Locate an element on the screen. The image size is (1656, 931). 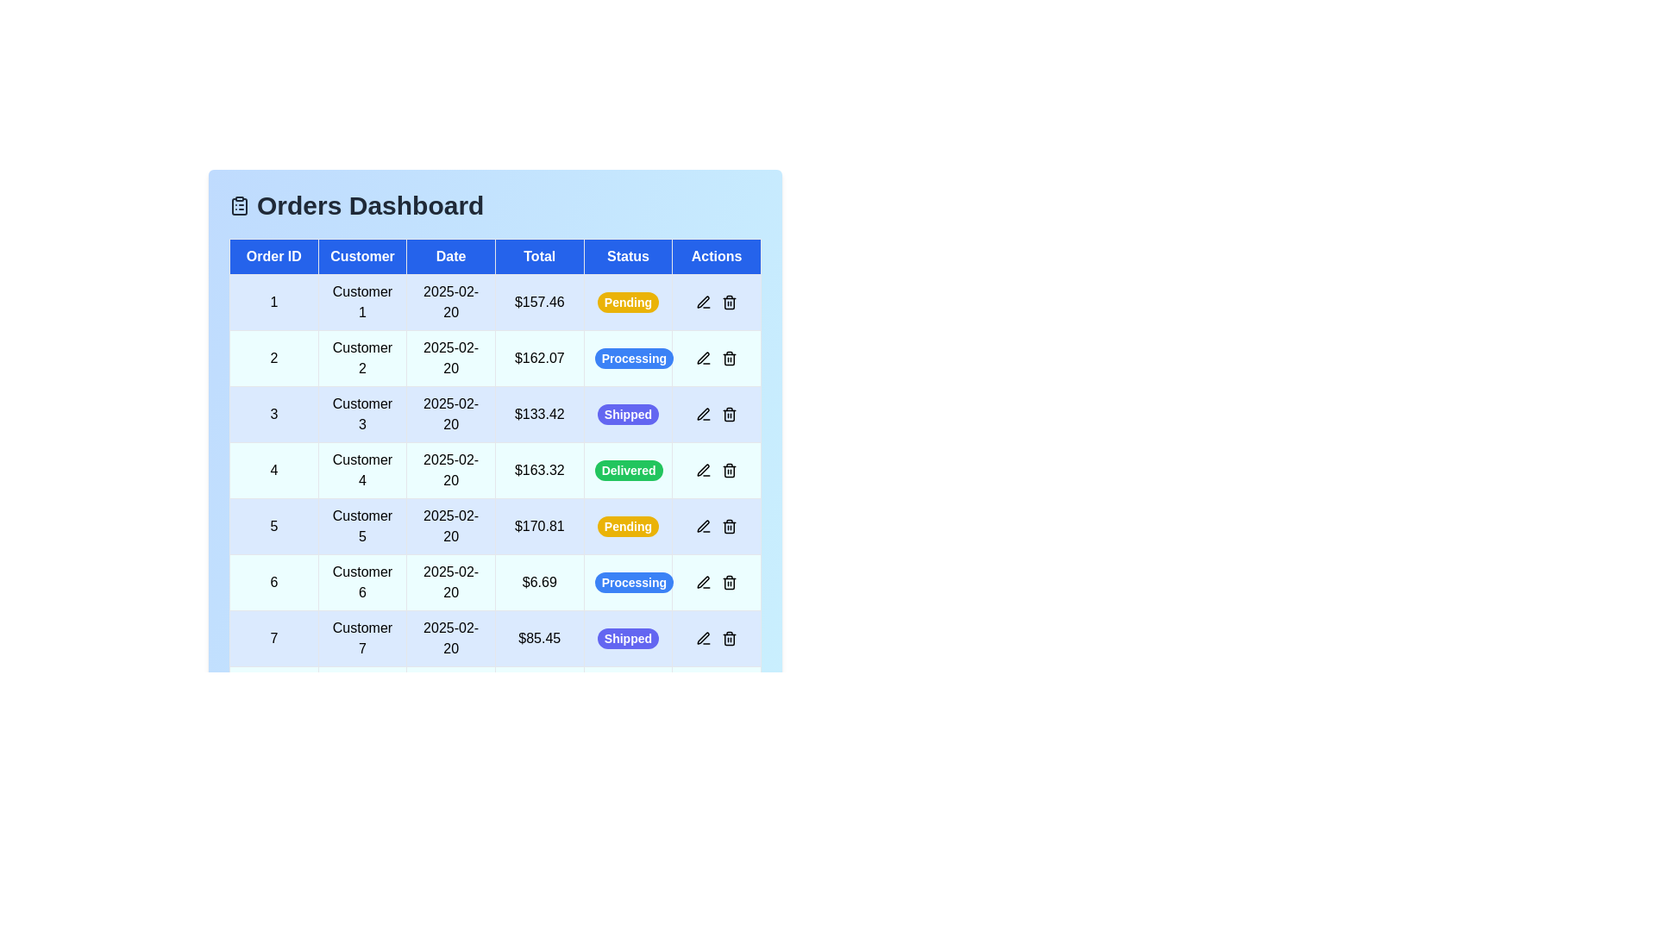
the edit icon in the 'Actions' column for the order with ID 5 is located at coordinates (704, 525).